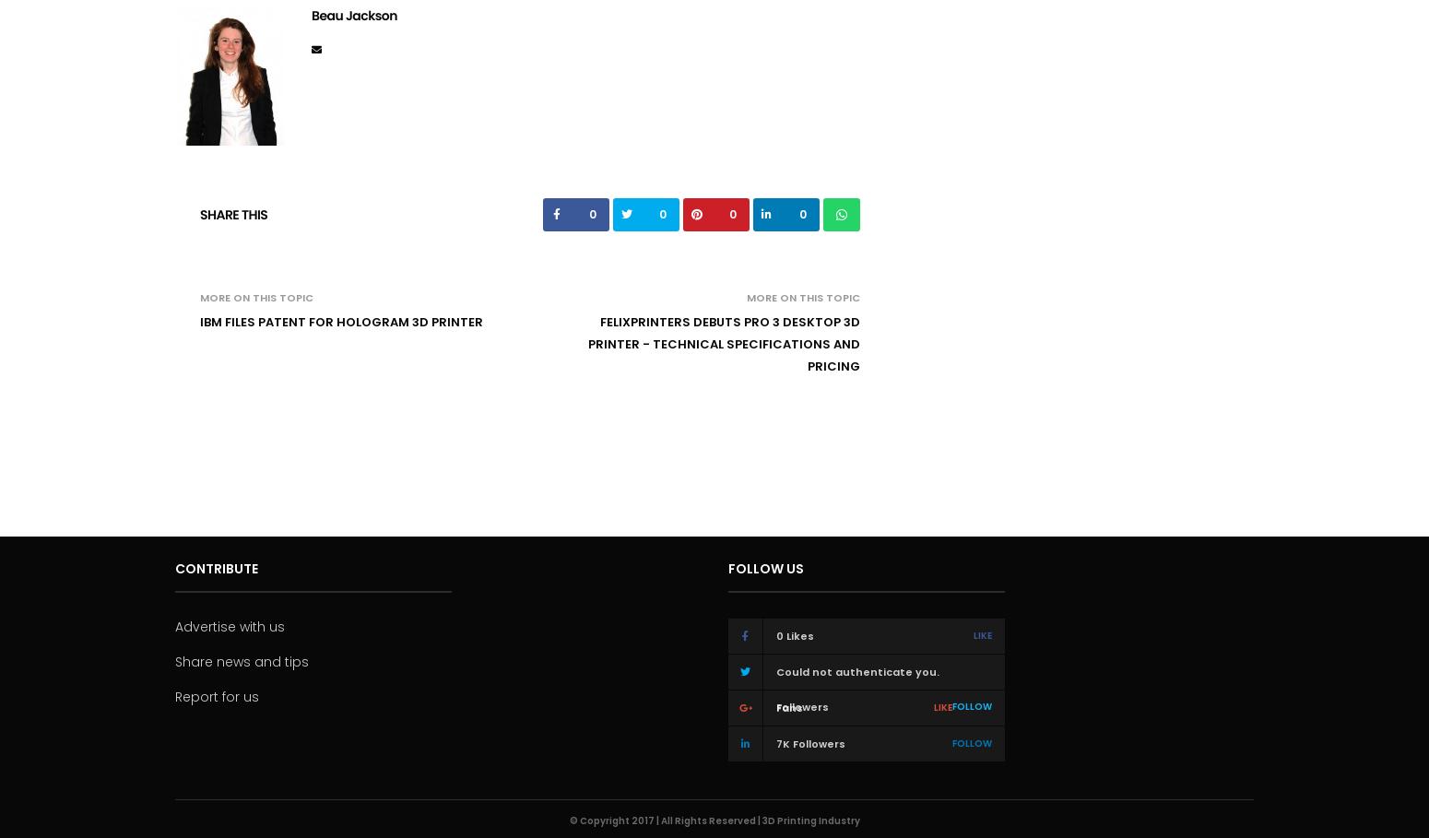 The width and height of the screenshot is (1429, 838). I want to click on '© Copyright 2017 | All Rights Reserved | 3D Printing Industry', so click(569, 820).